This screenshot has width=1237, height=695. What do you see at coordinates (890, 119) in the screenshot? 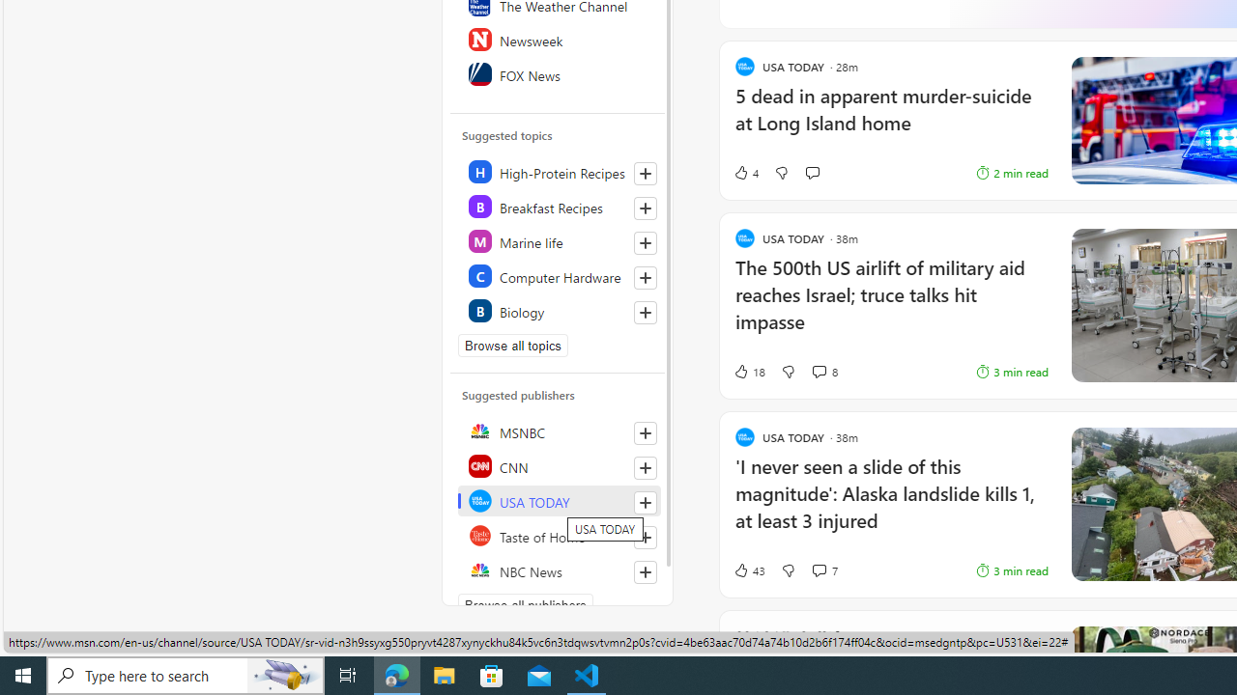
I see `'5 dead in apparent murder-suicide at Long Island home'` at bounding box center [890, 119].